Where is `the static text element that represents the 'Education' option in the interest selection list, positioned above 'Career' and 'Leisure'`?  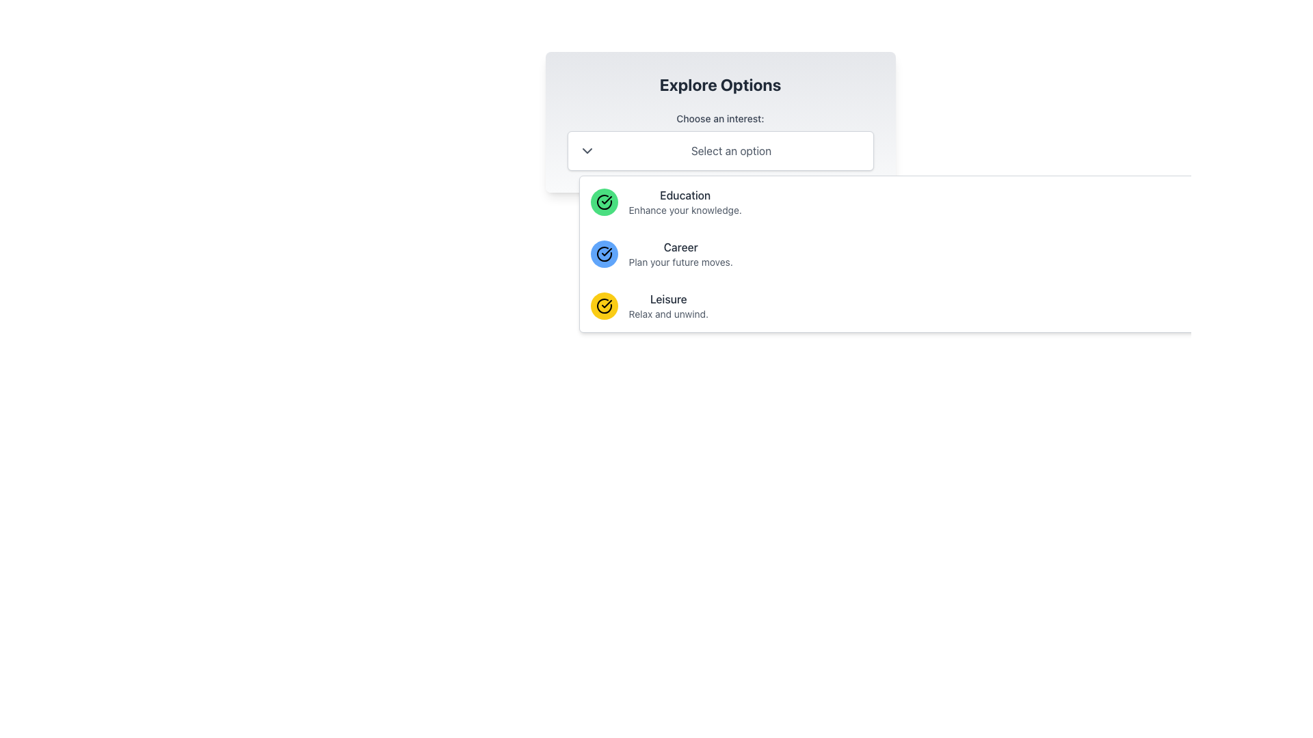 the static text element that represents the 'Education' option in the interest selection list, positioned above 'Career' and 'Leisure' is located at coordinates (685, 202).